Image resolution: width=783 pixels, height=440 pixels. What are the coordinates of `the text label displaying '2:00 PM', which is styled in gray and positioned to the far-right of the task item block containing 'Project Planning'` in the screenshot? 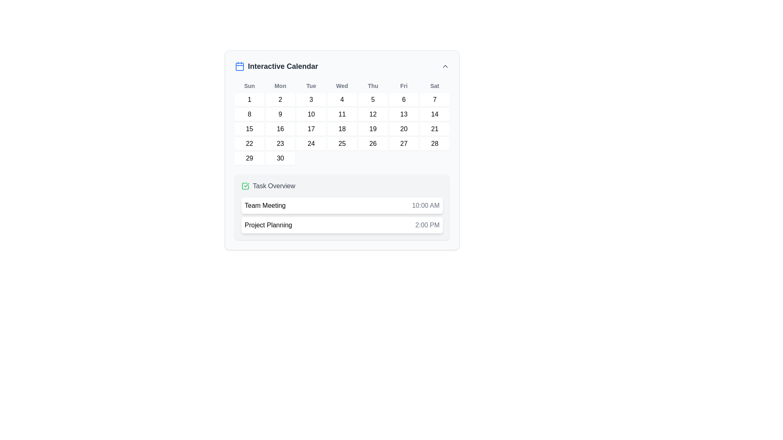 It's located at (427, 225).